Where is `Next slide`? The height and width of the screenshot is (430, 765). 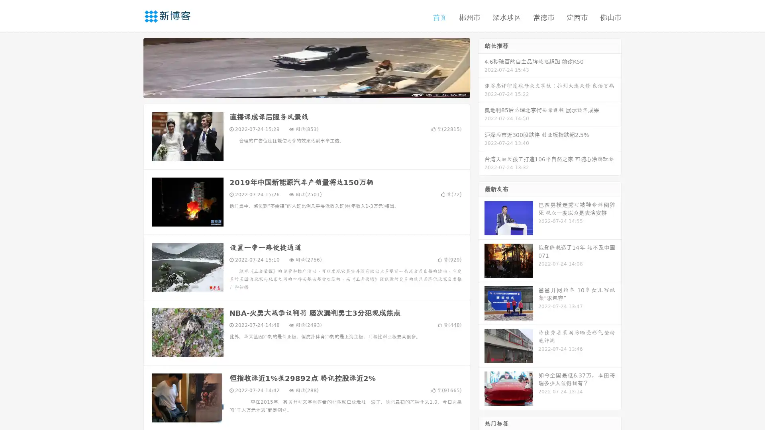
Next slide is located at coordinates (481, 67).